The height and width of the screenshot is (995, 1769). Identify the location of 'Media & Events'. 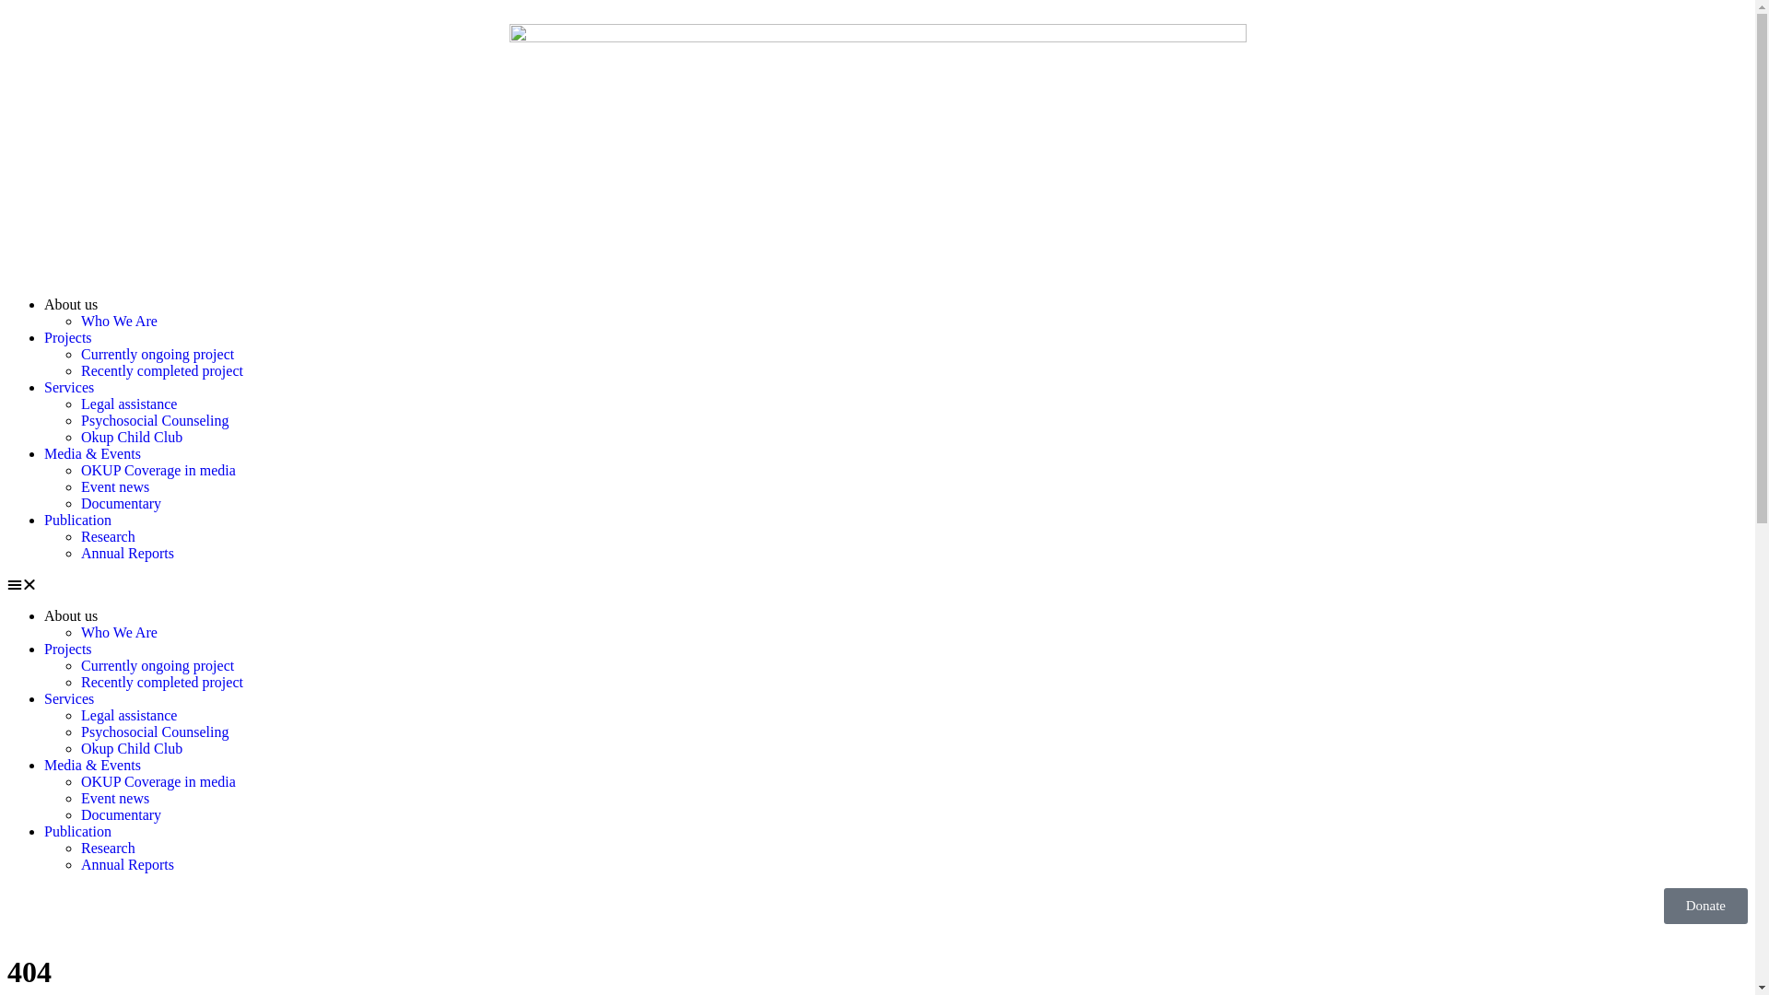
(91, 453).